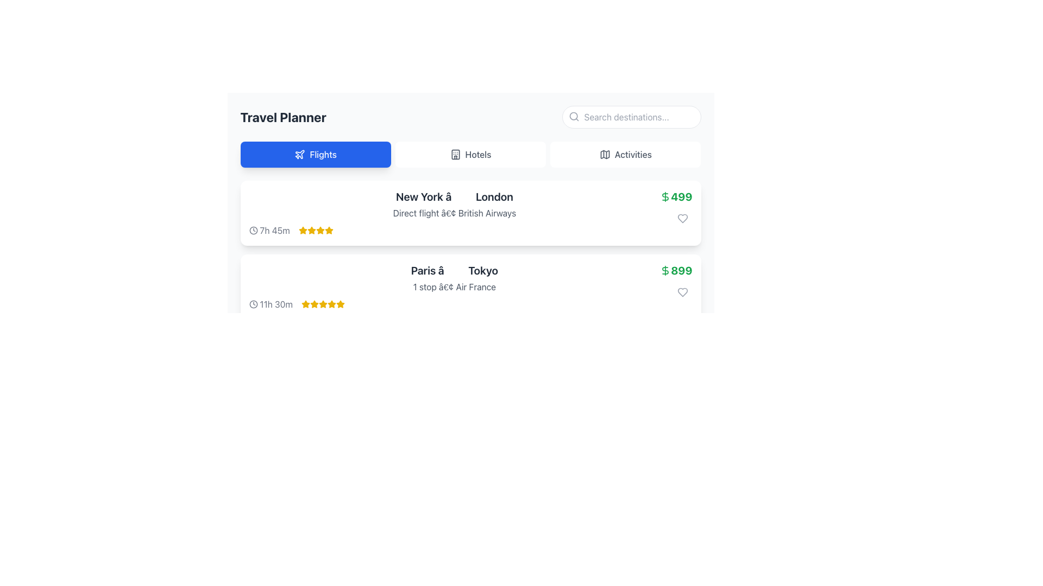  I want to click on the third yellow star-shaped icon in the rating component of the flight option, located in the lower card of the interface, so click(323, 304).